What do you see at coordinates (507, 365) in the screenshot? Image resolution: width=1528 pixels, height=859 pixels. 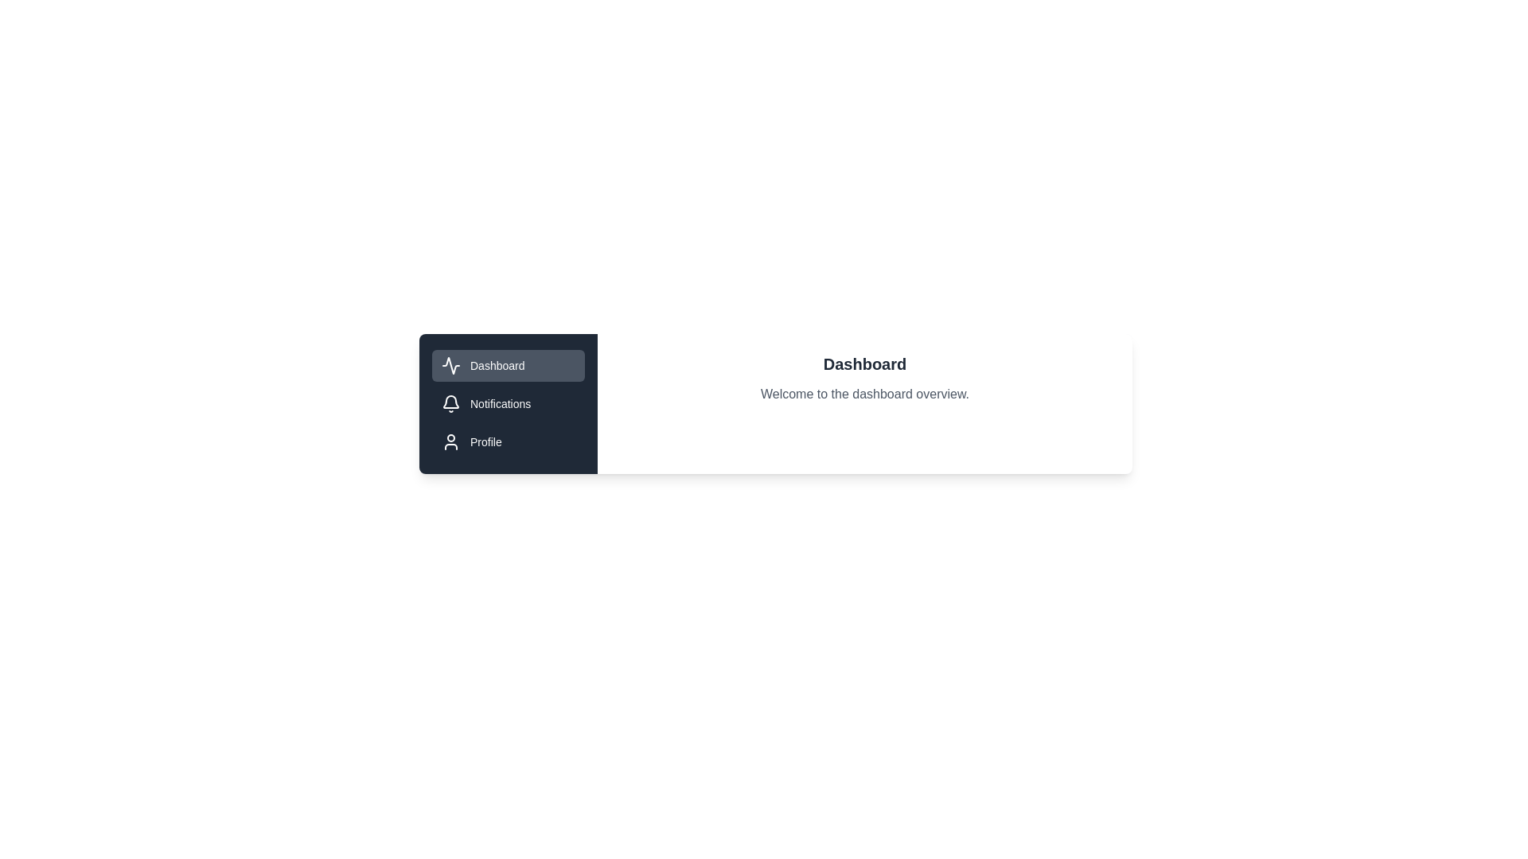 I see `the tab Dashboard to view its content` at bounding box center [507, 365].